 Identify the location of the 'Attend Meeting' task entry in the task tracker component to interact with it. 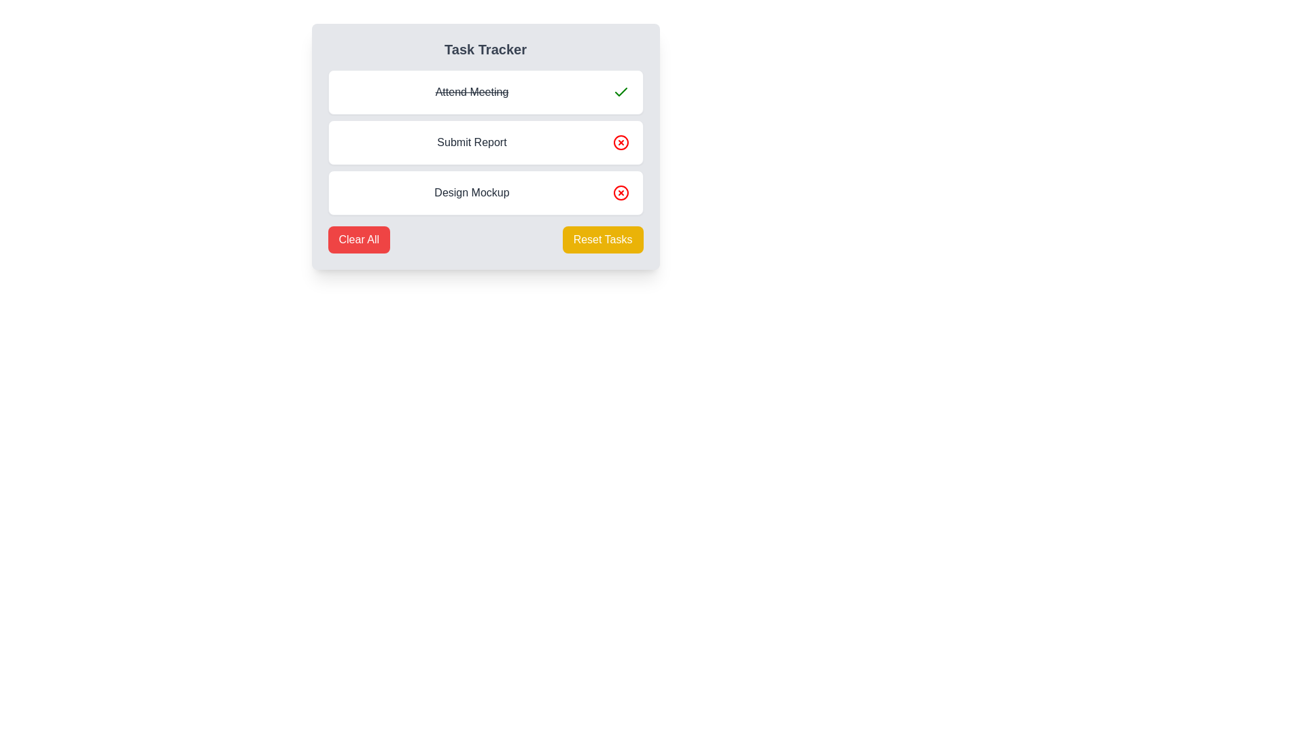
(485, 92).